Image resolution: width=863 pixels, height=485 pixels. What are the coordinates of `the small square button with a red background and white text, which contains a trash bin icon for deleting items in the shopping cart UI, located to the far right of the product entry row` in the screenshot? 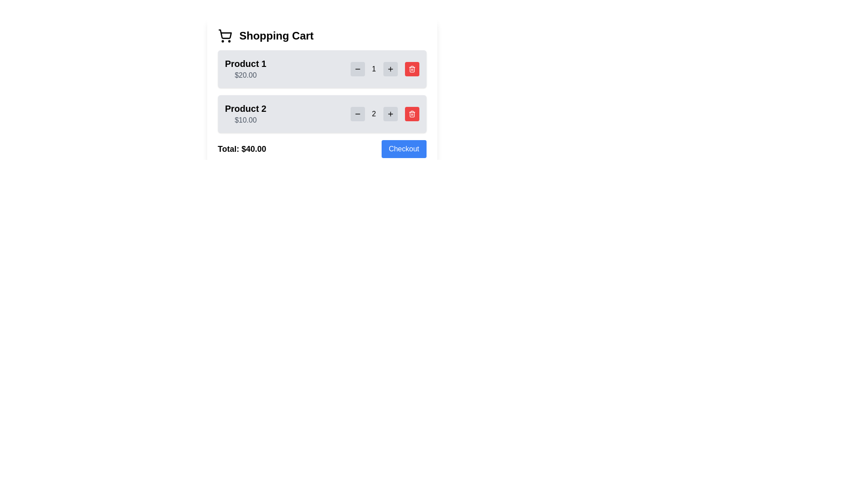 It's located at (411, 69).